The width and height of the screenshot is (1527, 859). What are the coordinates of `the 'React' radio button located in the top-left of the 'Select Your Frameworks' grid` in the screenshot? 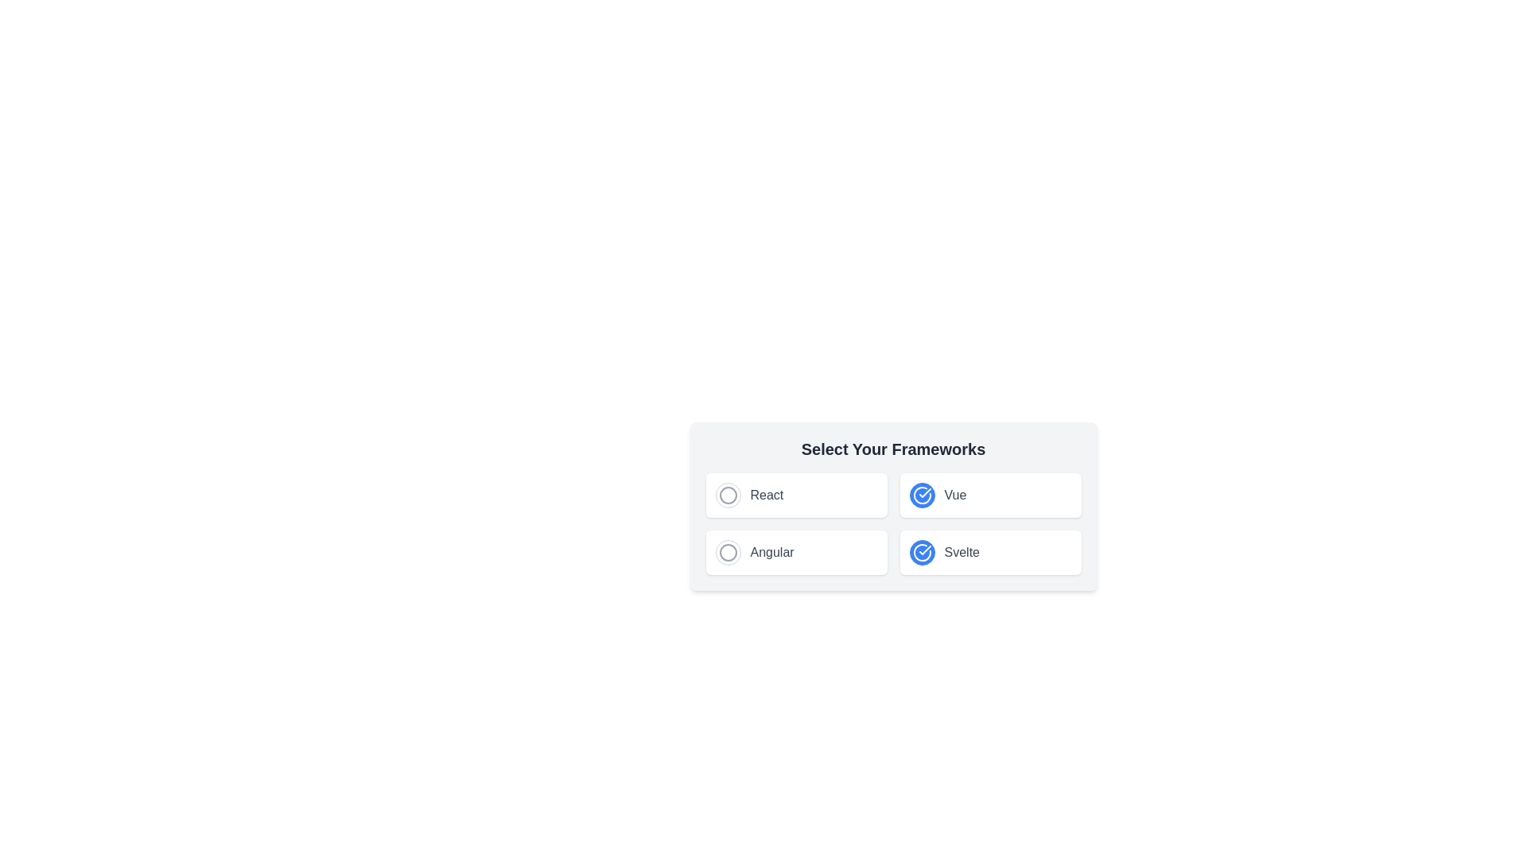 It's located at (796, 495).